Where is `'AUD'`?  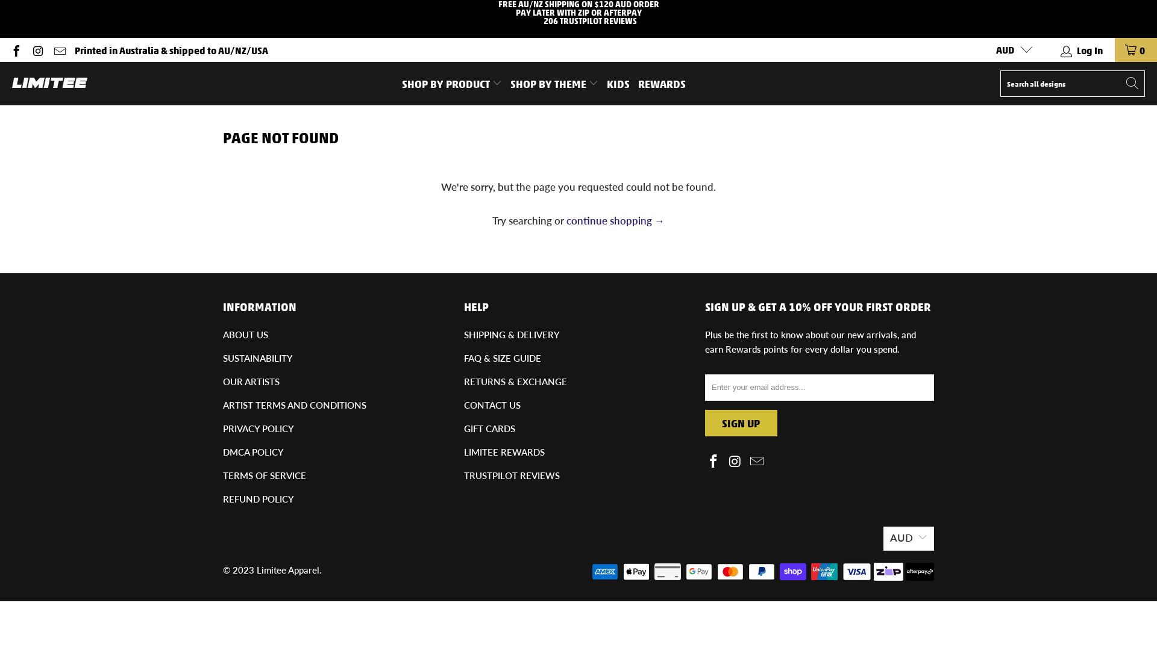
'AUD' is located at coordinates (1009, 49).